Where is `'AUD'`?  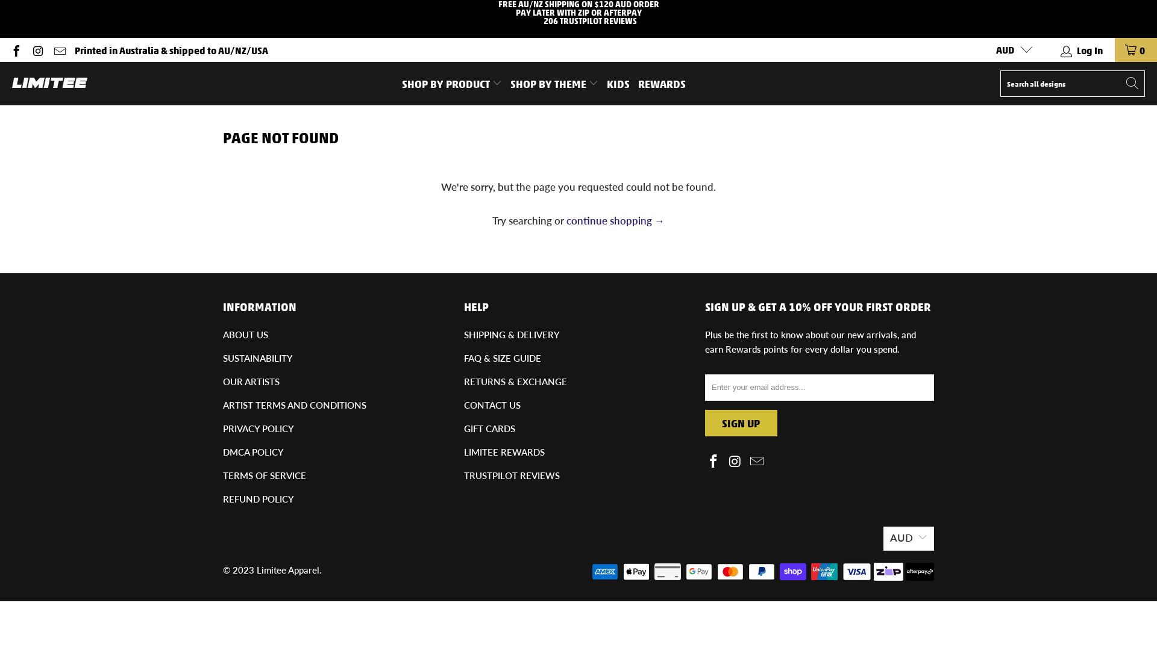
'AUD' is located at coordinates (1009, 49).